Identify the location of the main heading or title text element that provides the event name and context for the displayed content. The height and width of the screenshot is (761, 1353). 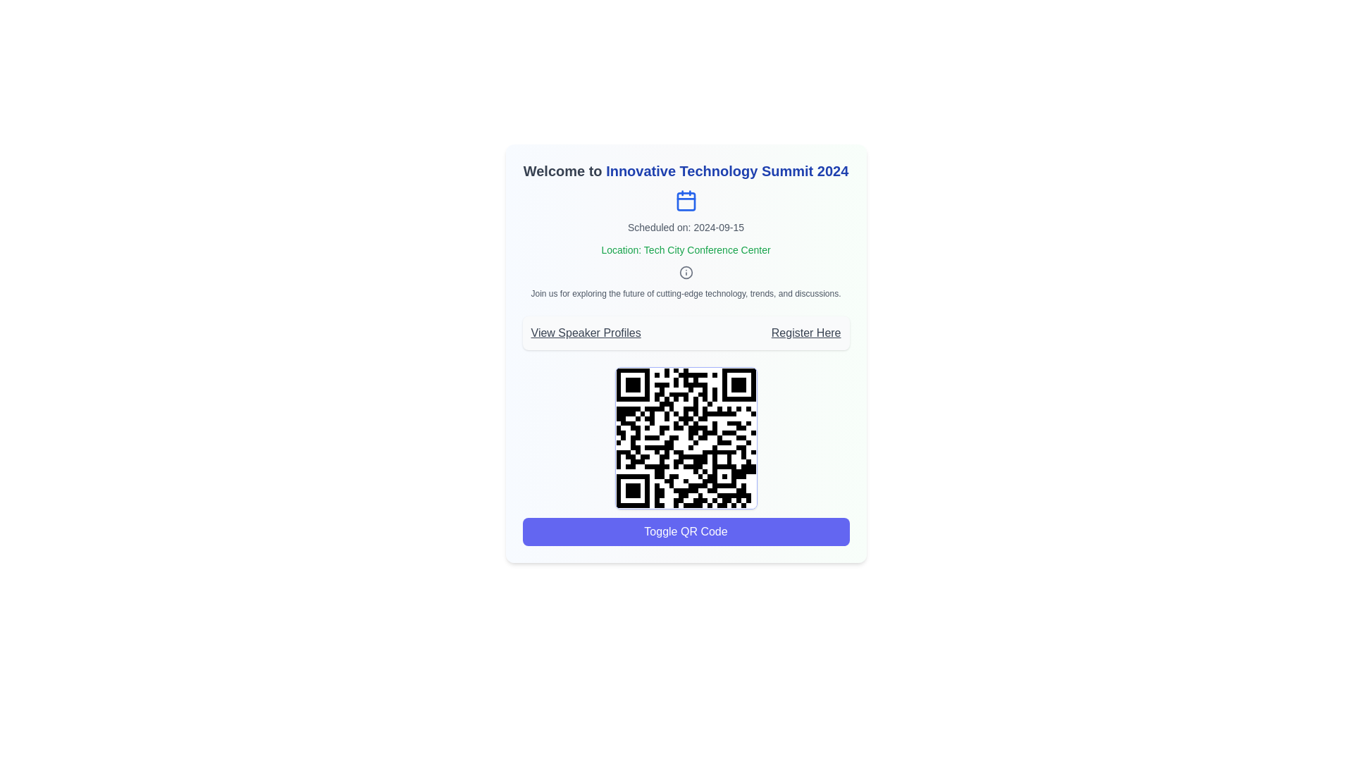
(686, 171).